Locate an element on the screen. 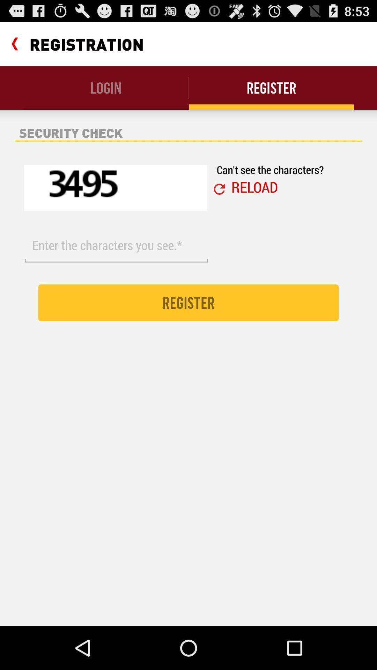 The height and width of the screenshot is (670, 377). the item above register is located at coordinates (116, 245).